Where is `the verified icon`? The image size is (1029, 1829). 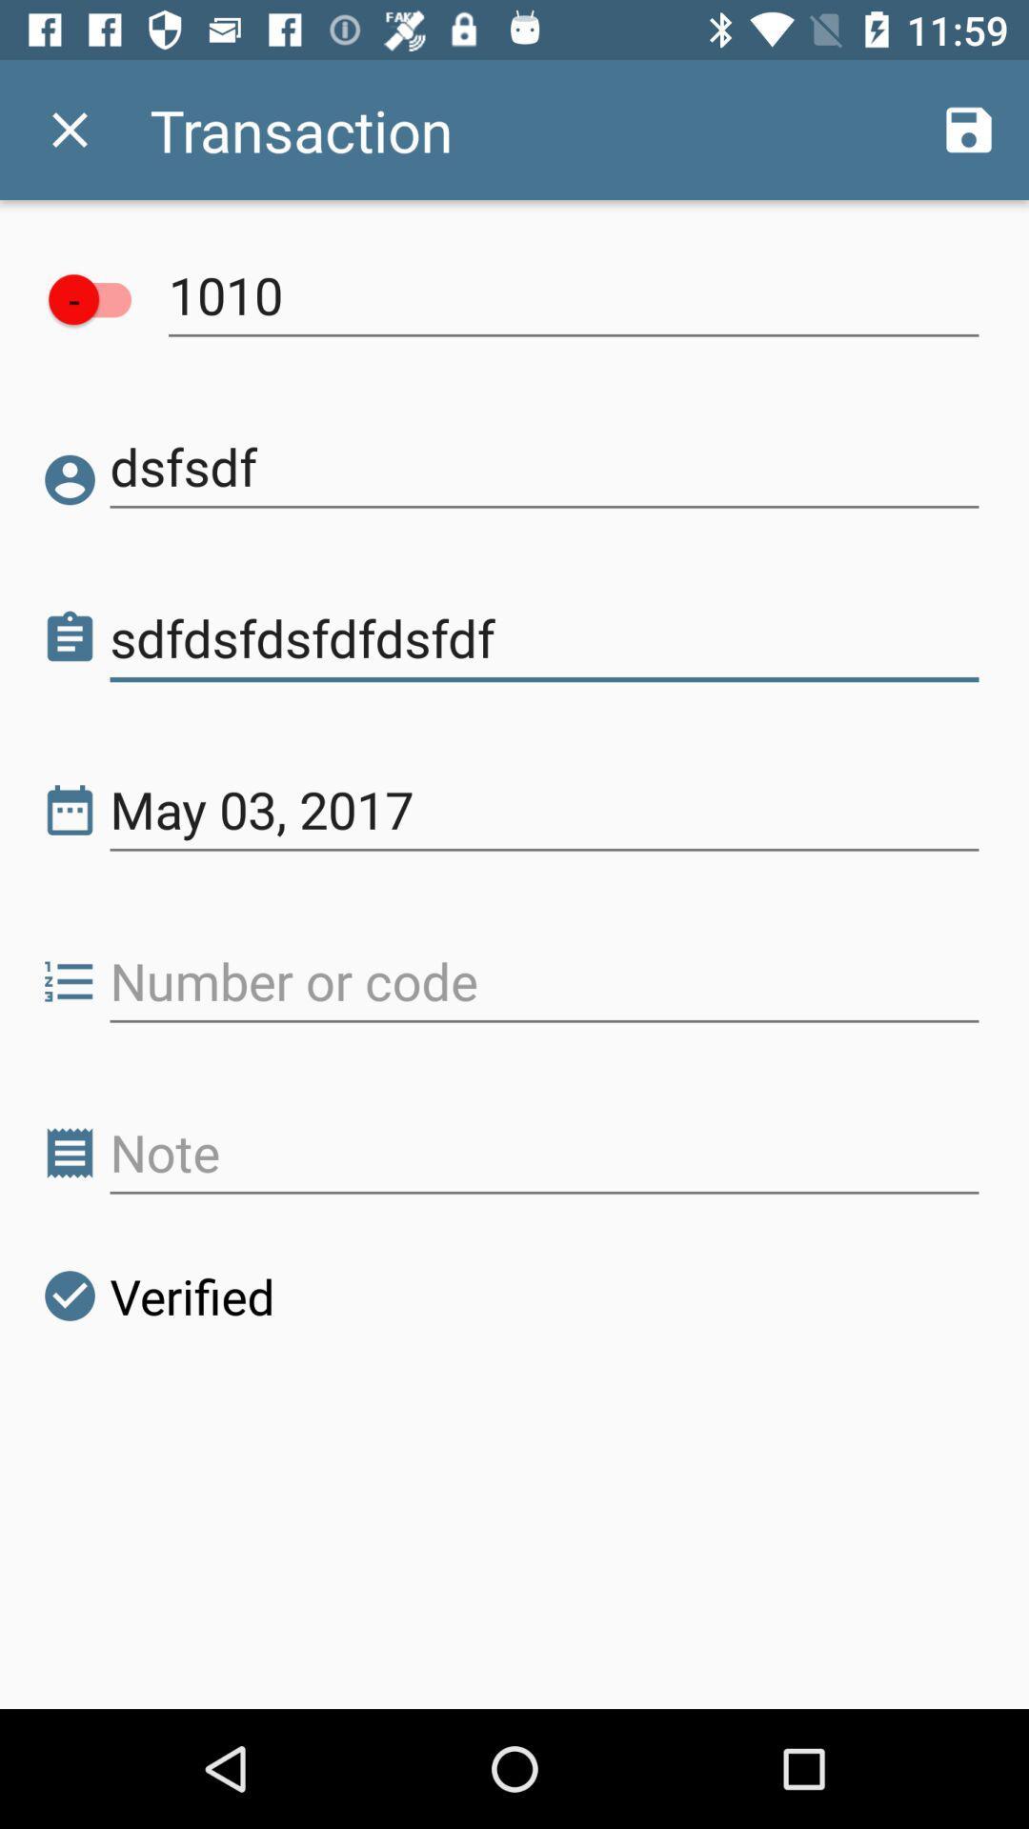 the verified icon is located at coordinates (156, 1296).